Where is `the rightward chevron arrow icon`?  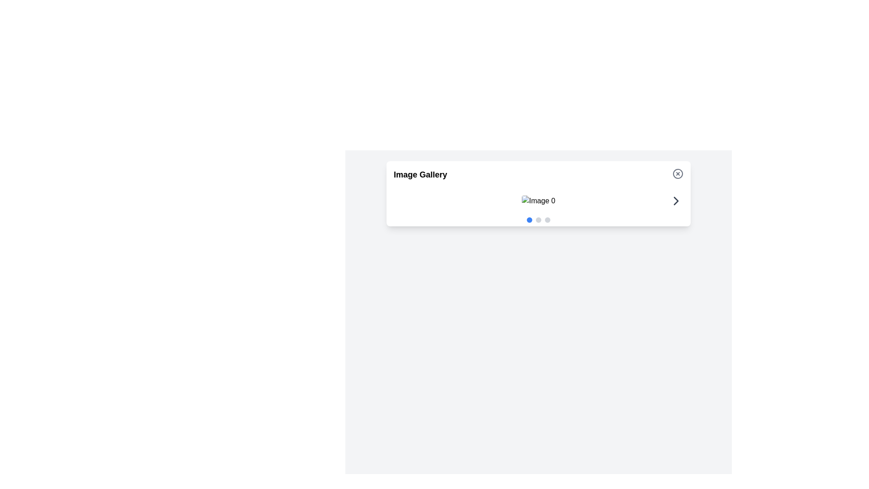
the rightward chevron arrow icon is located at coordinates (676, 200).